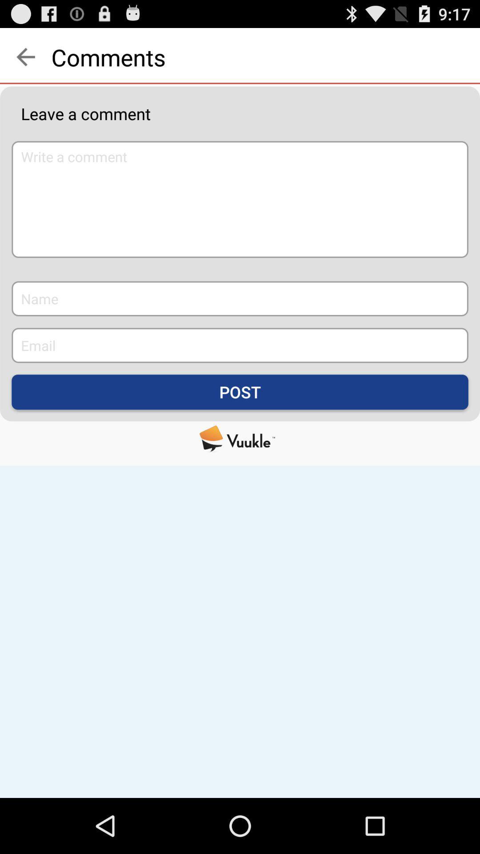  Describe the element at coordinates (240, 298) in the screenshot. I see `your name in this box` at that location.